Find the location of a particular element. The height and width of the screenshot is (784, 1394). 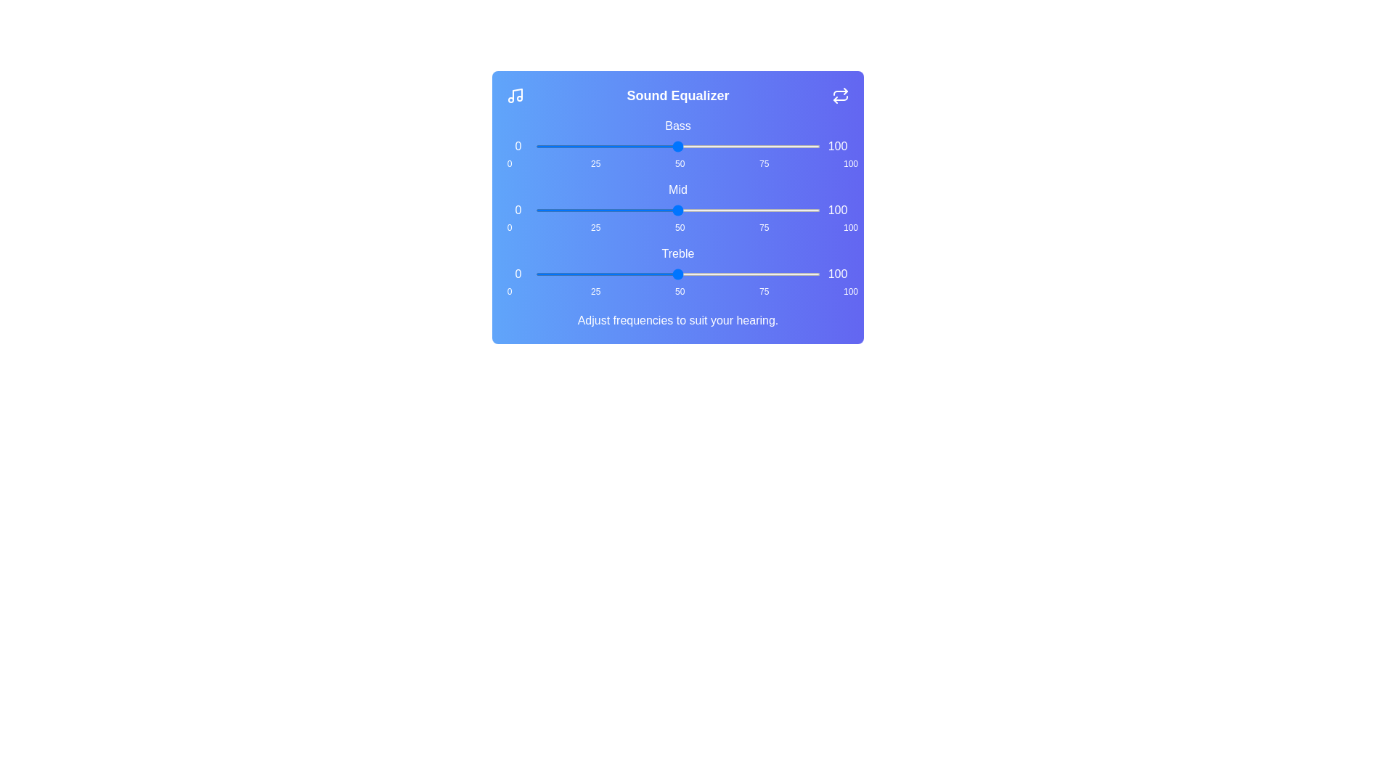

the 'mid' slider to 7 is located at coordinates (555, 210).